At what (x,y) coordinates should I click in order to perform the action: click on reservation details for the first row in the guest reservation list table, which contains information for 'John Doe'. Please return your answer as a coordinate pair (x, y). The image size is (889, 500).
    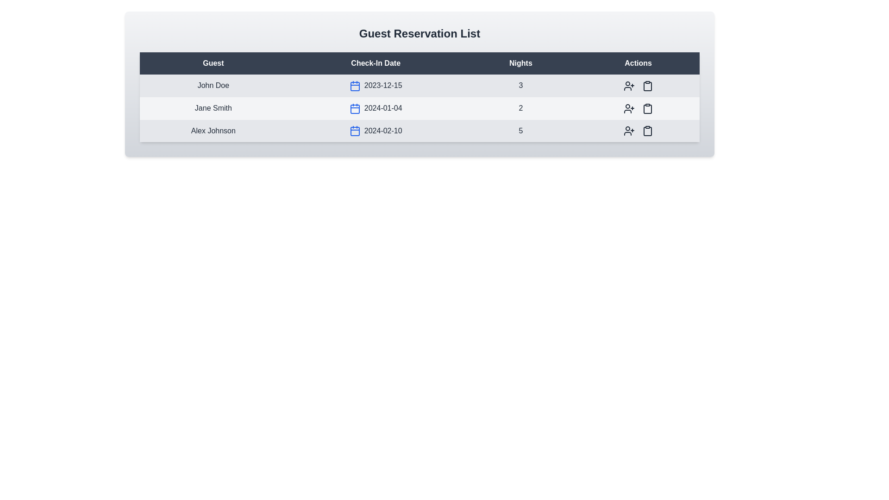
    Looking at the image, I should click on (419, 86).